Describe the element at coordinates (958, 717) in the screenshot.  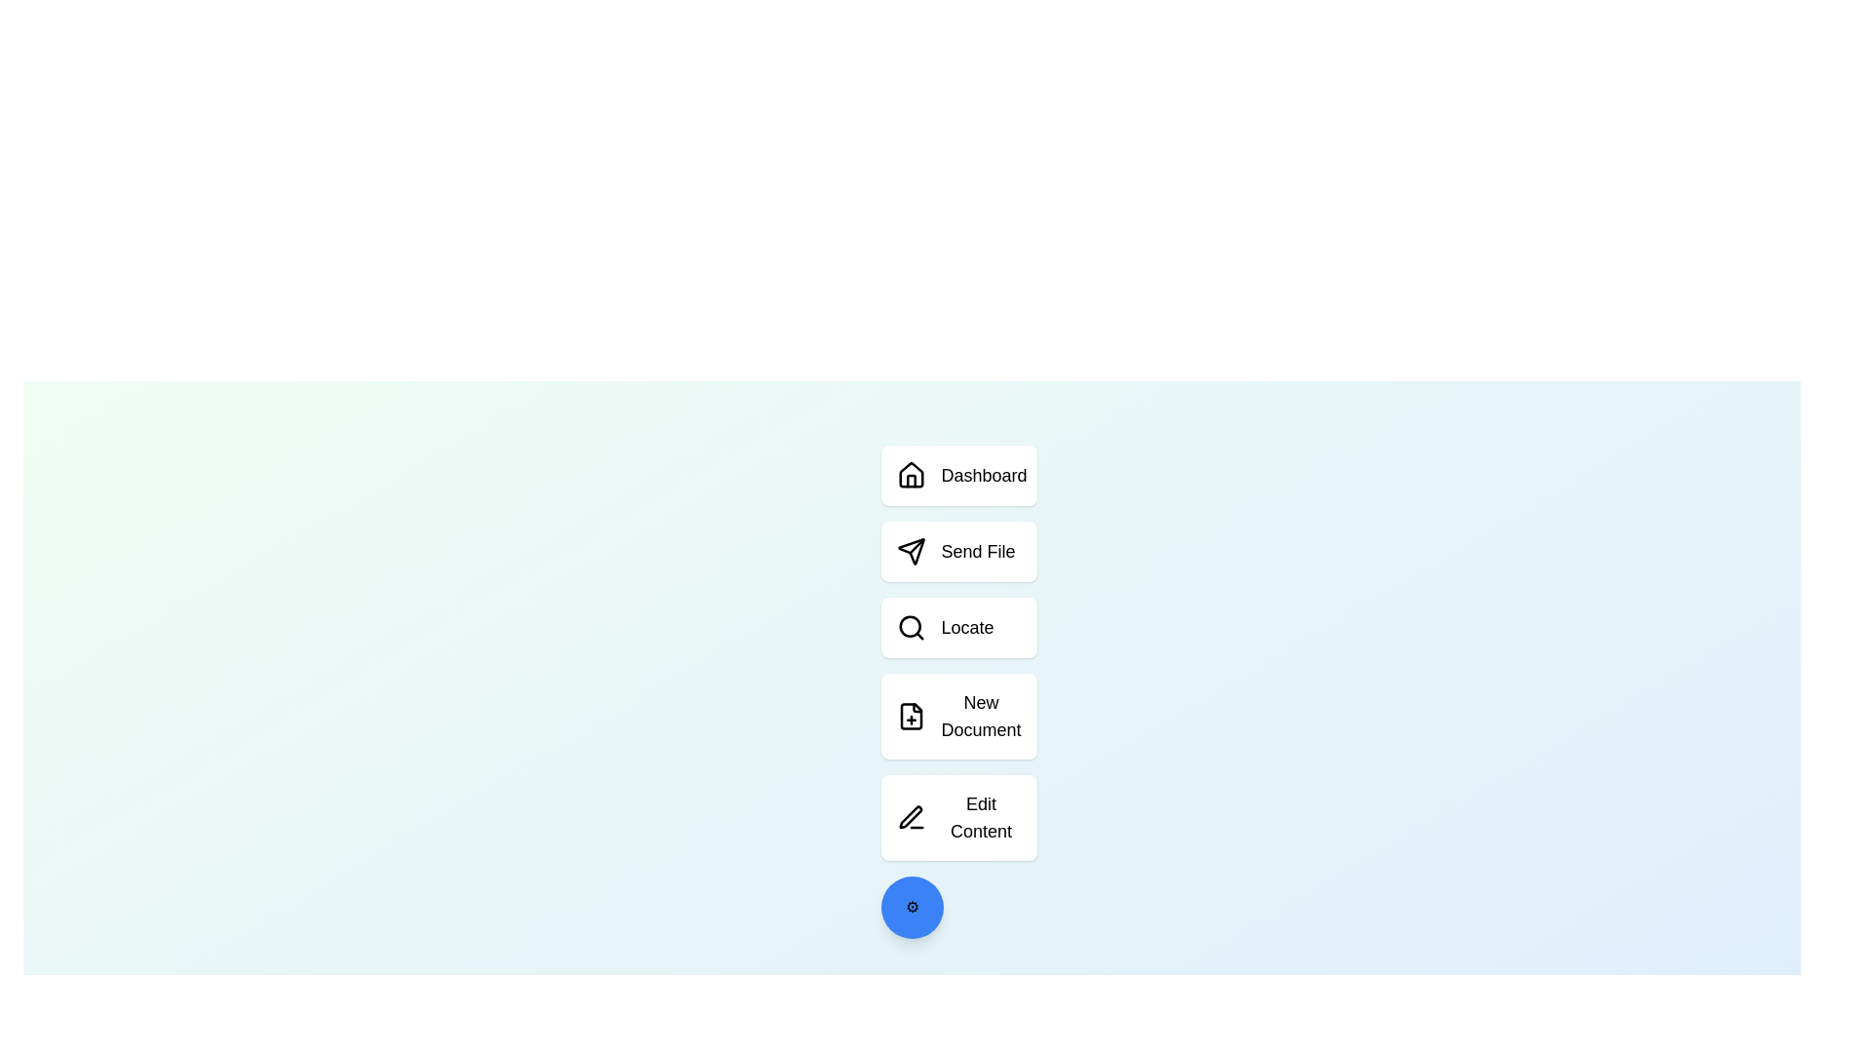
I see `the New Document button in the menu` at that location.